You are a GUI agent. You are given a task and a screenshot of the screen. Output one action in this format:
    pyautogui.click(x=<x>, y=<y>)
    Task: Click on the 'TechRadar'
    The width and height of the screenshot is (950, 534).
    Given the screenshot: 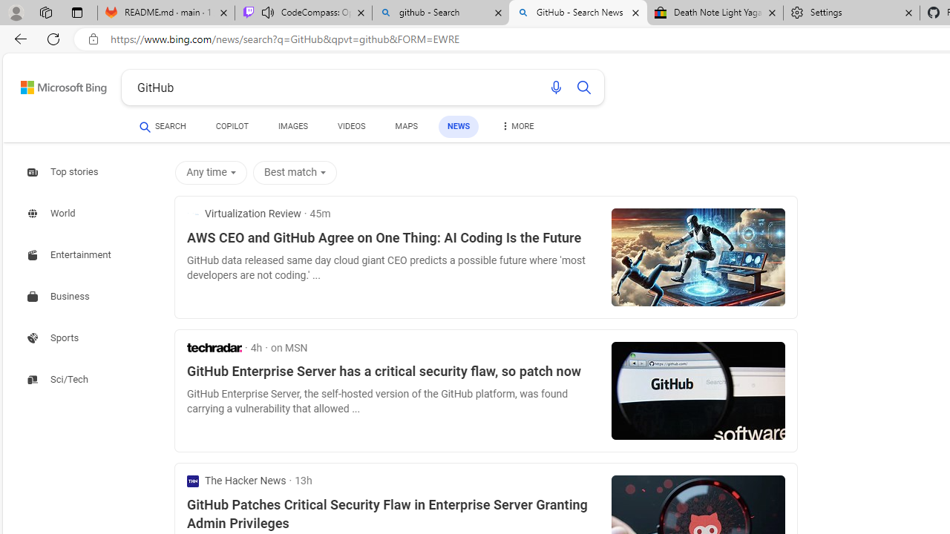 What is the action you would take?
    pyautogui.click(x=214, y=347)
    